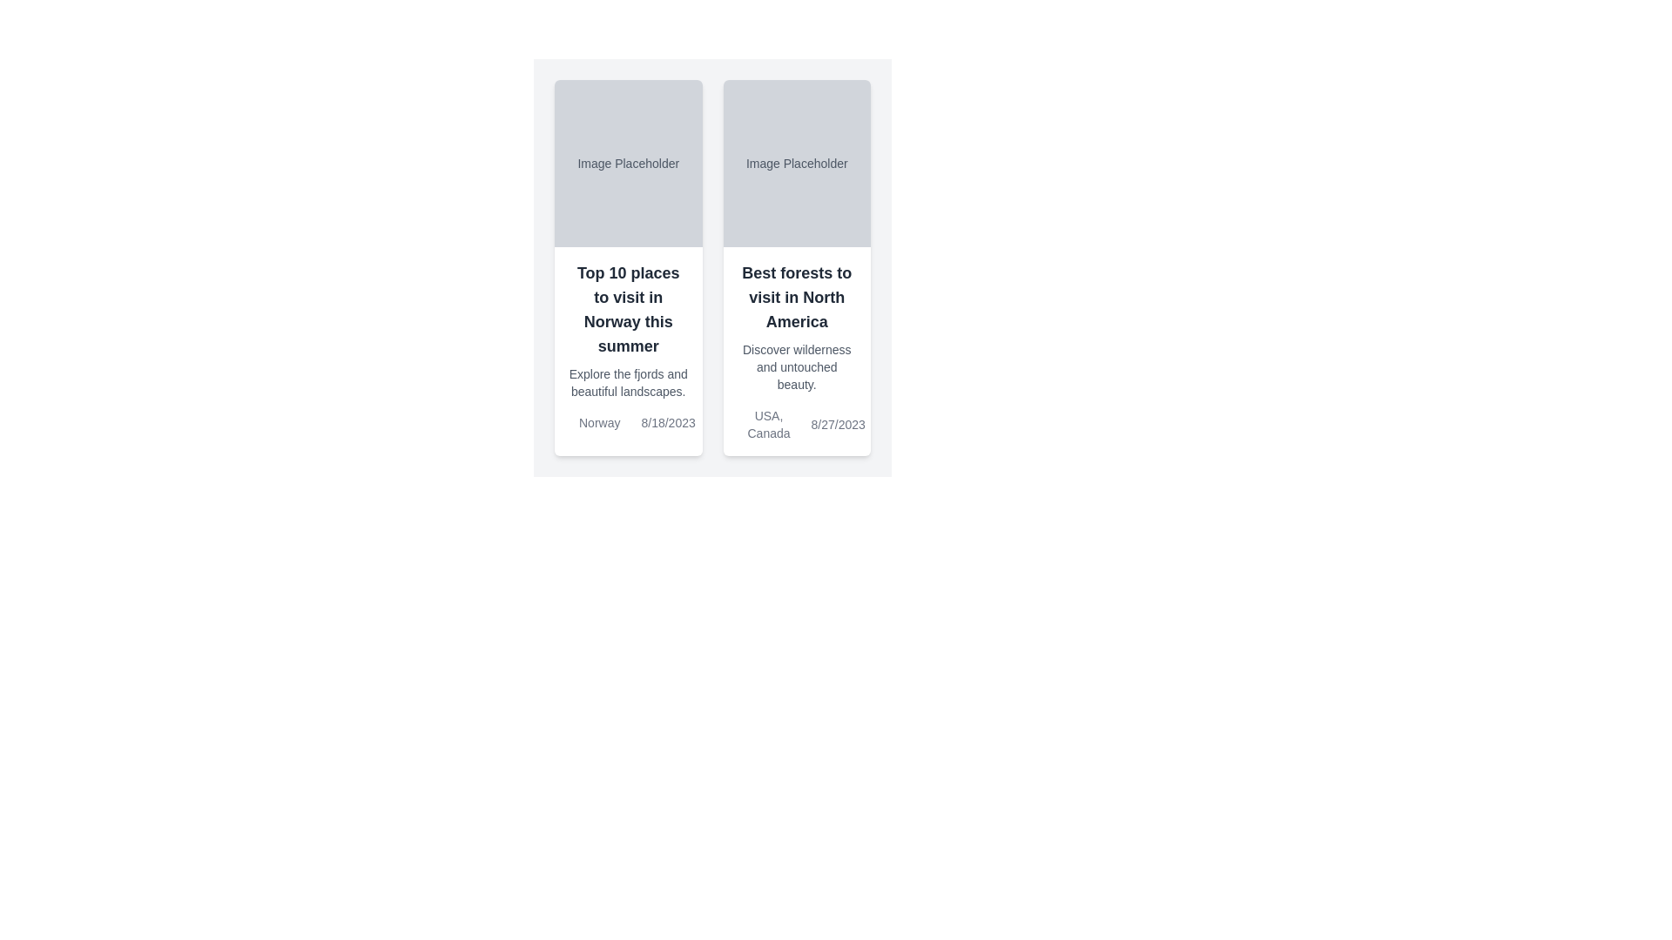  What do you see at coordinates (796, 352) in the screenshot?
I see `textual content from the informative text block about travel or exploration in North America, which is the second card in a horizontal list of similar cards` at bounding box center [796, 352].